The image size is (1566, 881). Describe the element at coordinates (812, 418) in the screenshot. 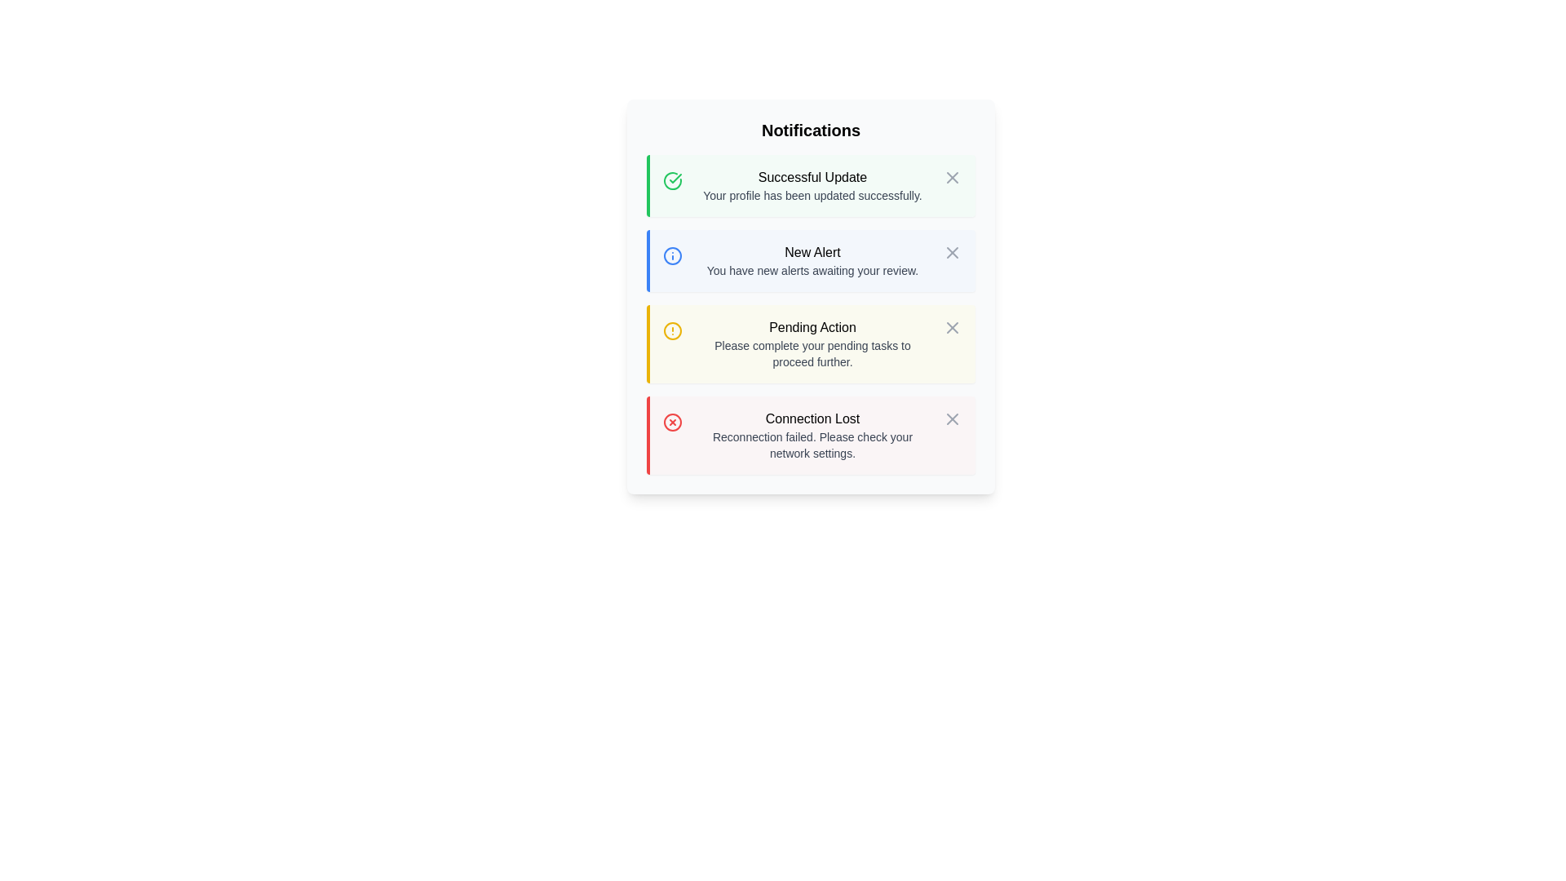

I see `the static text element in the red notification panel that informs the user about a lost connection event` at that location.